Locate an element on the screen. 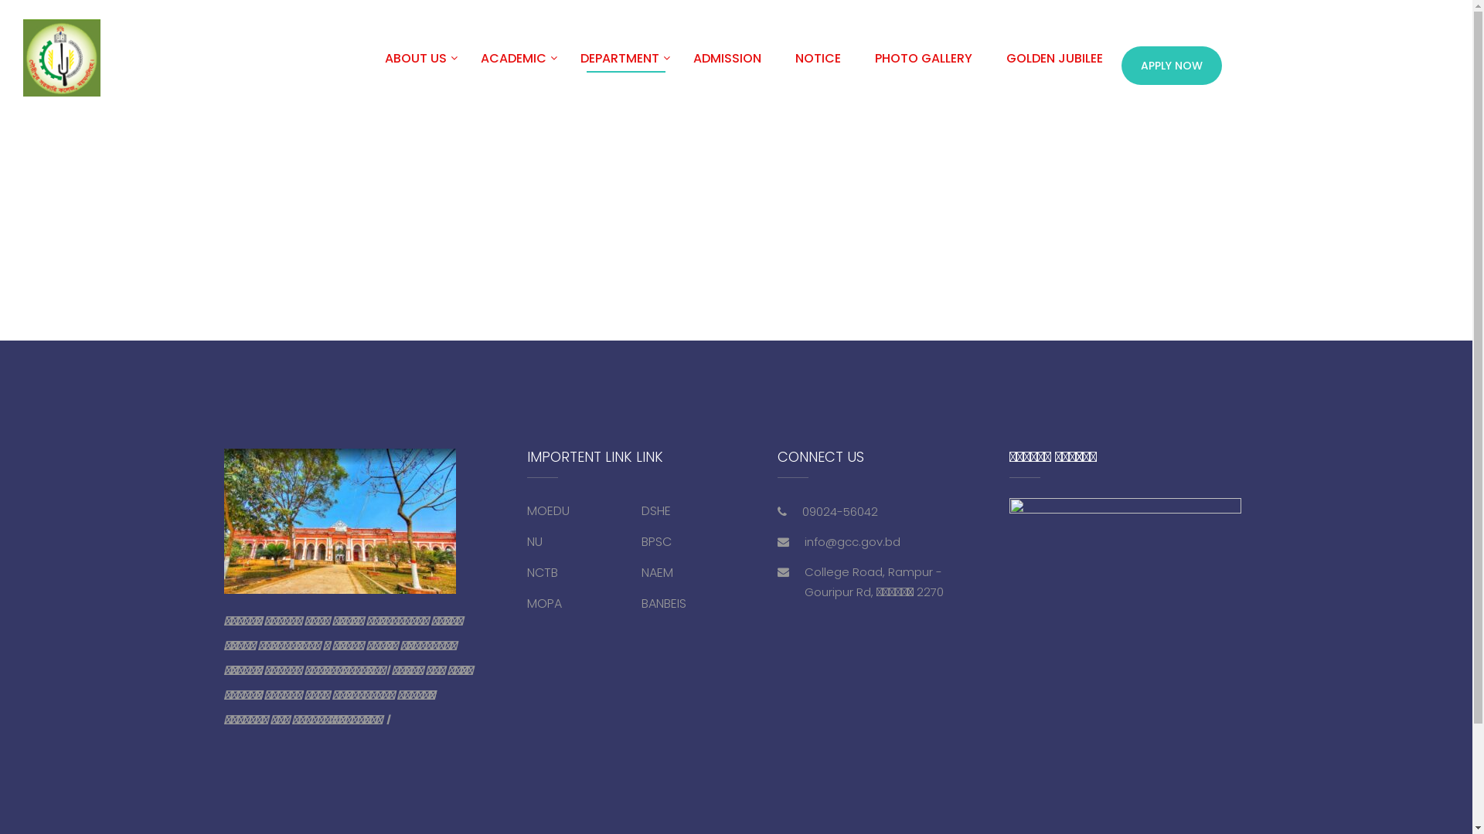  'ACADEMIC' is located at coordinates (513, 64).